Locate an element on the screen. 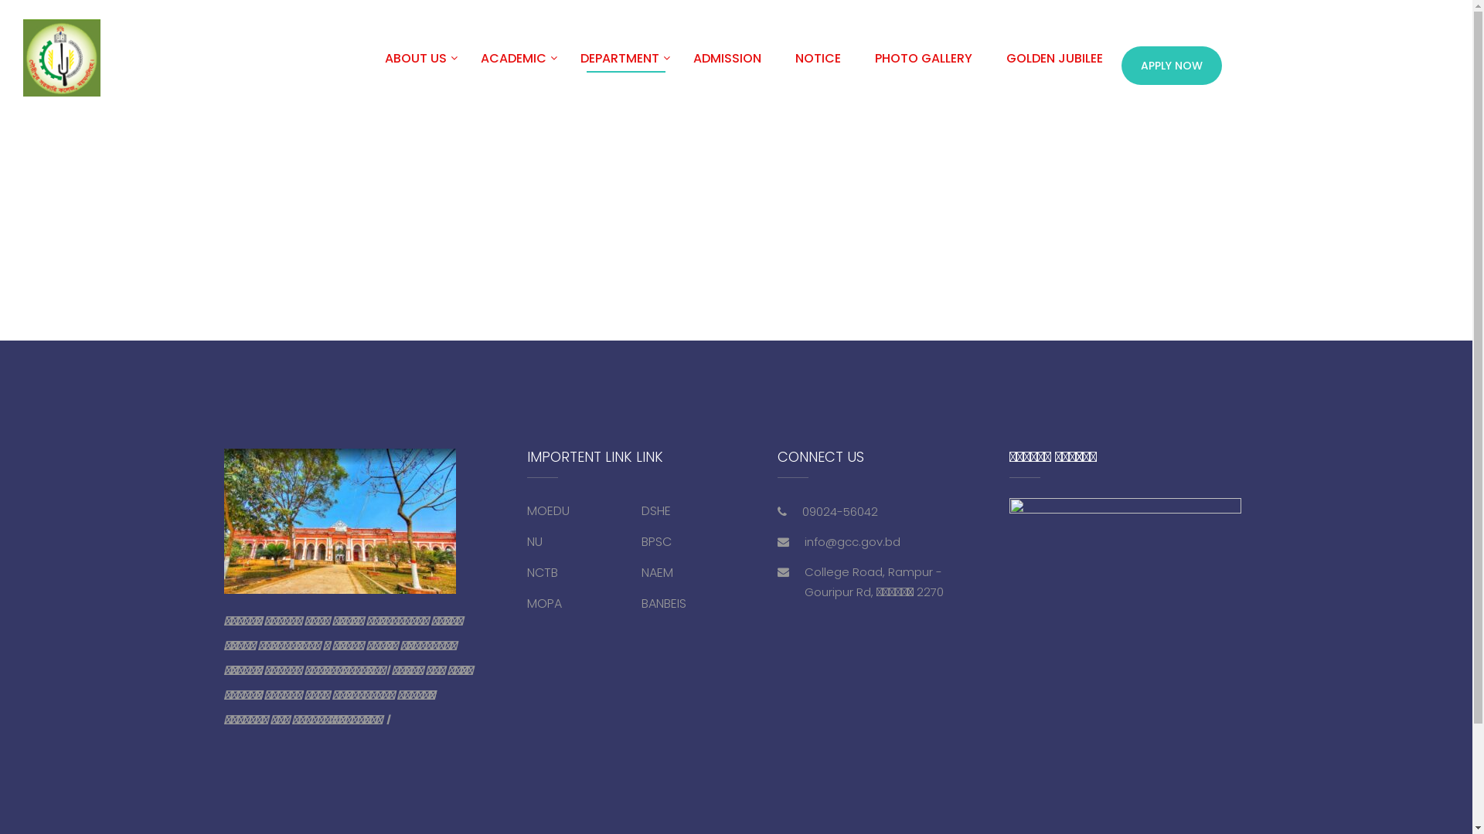  'ACADEMIC' is located at coordinates (513, 64).